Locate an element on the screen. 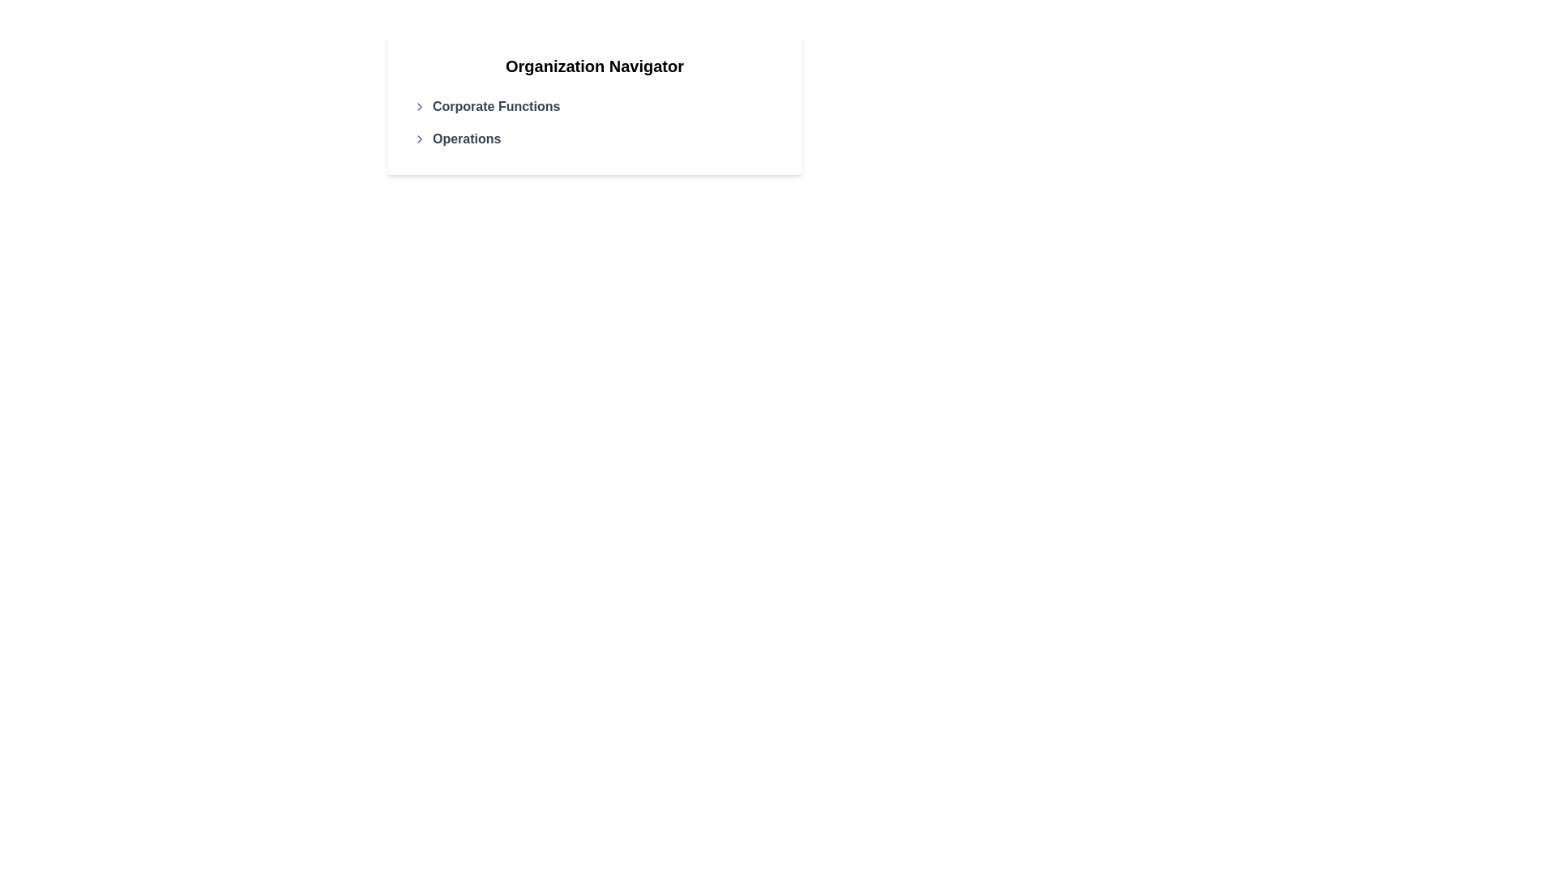 This screenshot has height=875, width=1556. the leading icon for 'Corporate Functions' is located at coordinates (420, 106).